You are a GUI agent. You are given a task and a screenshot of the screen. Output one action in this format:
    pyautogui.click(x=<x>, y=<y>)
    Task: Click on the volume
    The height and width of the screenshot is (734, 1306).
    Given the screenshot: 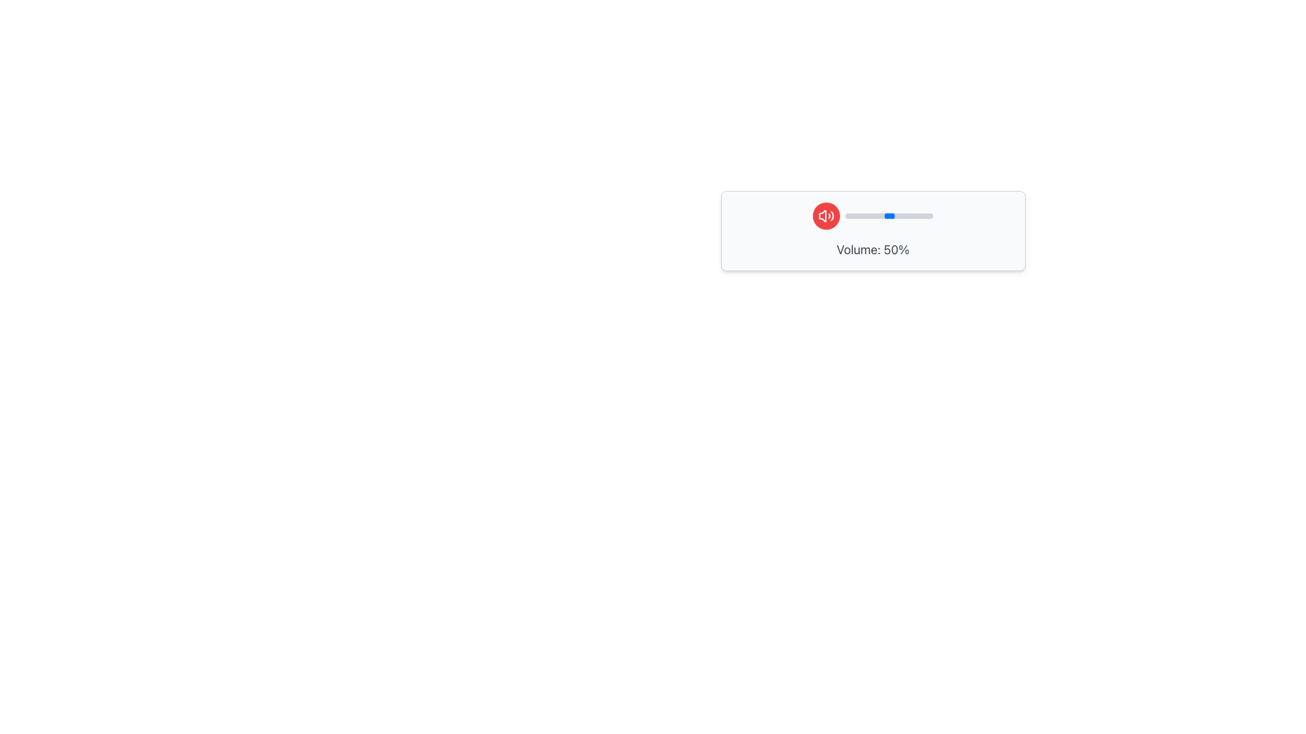 What is the action you would take?
    pyautogui.click(x=874, y=215)
    